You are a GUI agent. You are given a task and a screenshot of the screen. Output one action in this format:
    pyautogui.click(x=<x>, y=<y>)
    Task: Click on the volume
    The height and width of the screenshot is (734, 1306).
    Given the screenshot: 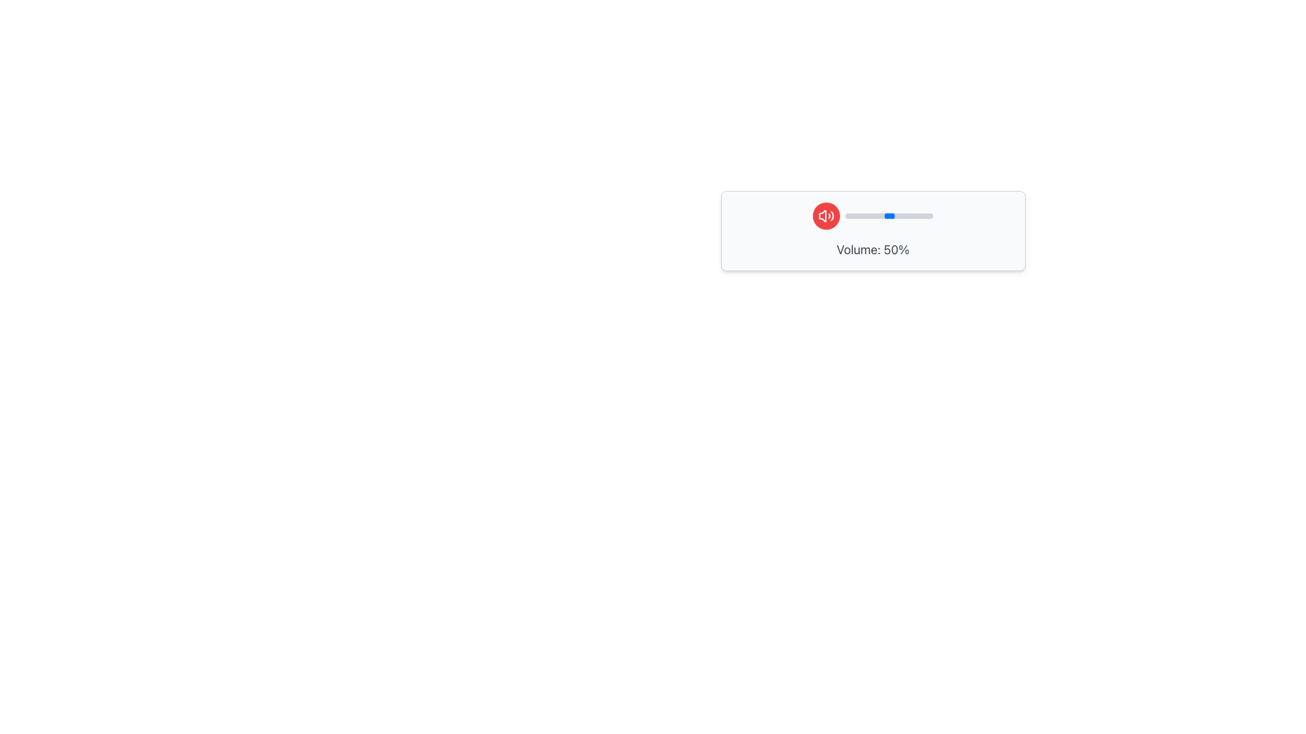 What is the action you would take?
    pyautogui.click(x=874, y=215)
    